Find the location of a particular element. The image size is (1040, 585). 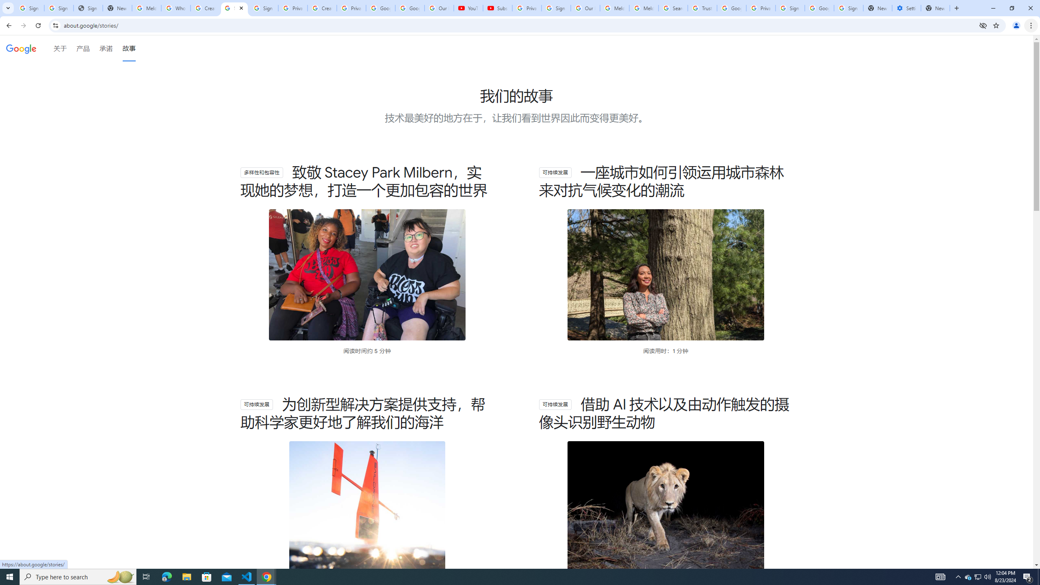

'Google Ads - Sign in' is located at coordinates (731, 8).